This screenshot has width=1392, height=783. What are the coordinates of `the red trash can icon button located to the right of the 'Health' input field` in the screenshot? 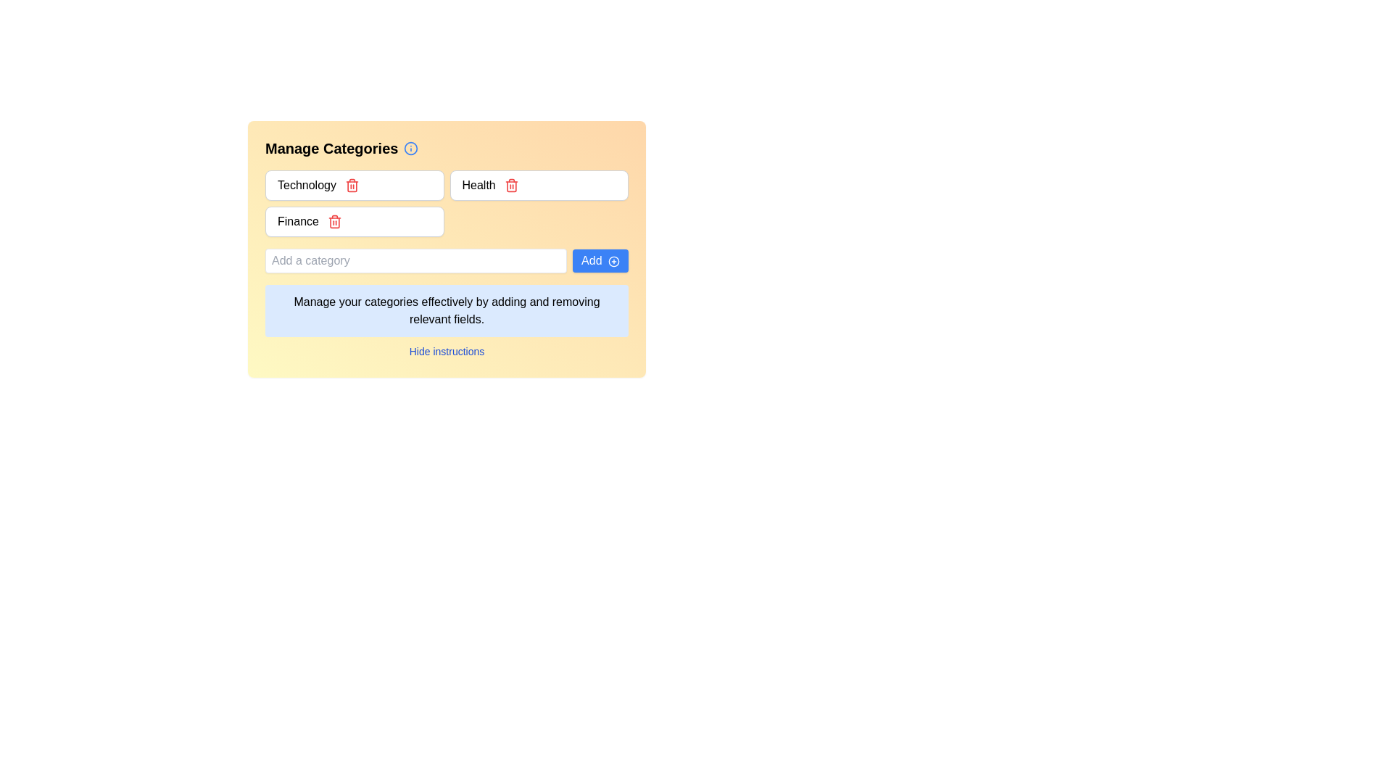 It's located at (511, 184).